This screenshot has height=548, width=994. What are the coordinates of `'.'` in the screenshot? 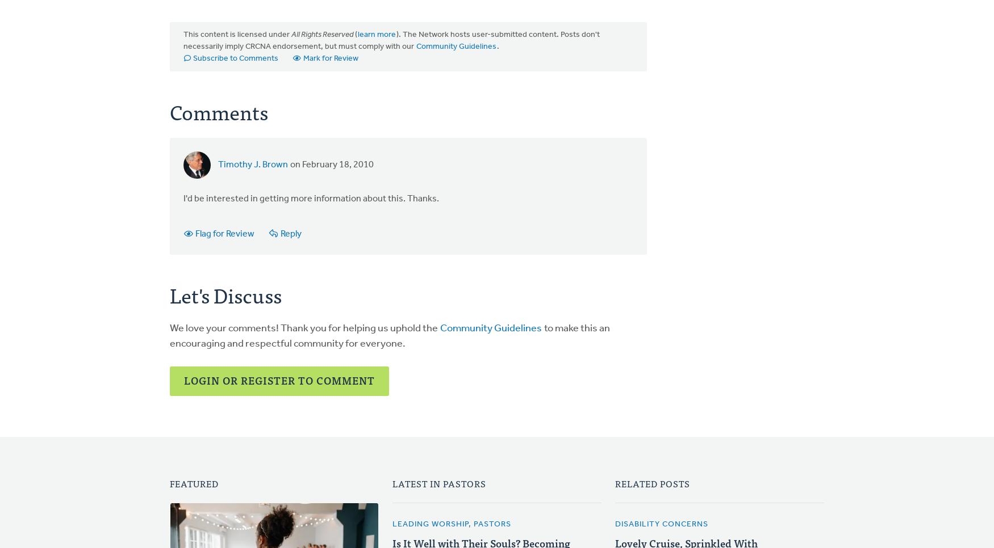 It's located at (497, 46).